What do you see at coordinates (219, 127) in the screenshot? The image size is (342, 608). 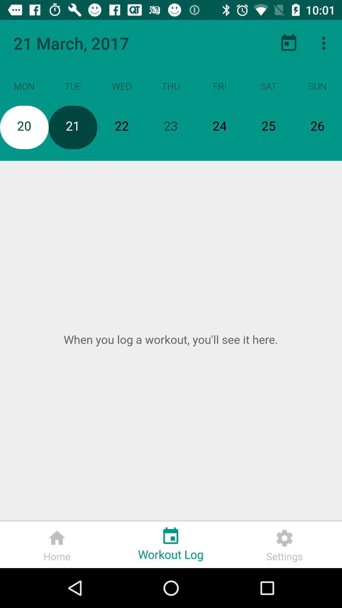 I see `the number 24 shown below fri` at bounding box center [219, 127].